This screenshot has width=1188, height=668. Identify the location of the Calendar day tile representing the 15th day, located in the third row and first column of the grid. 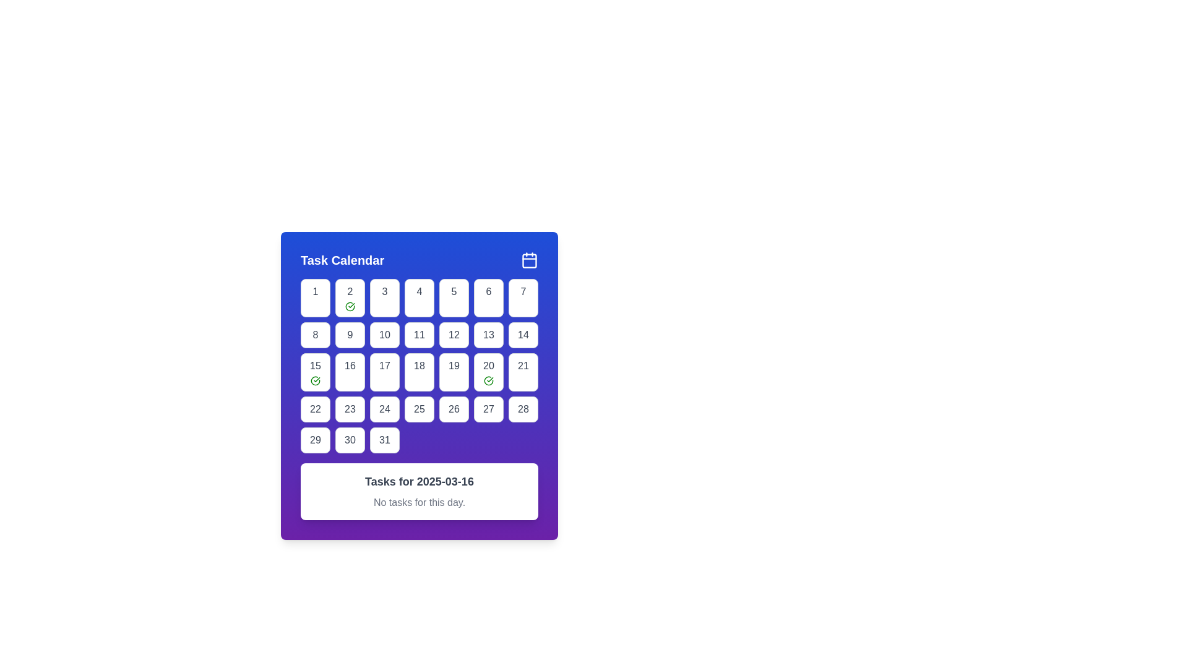
(315, 371).